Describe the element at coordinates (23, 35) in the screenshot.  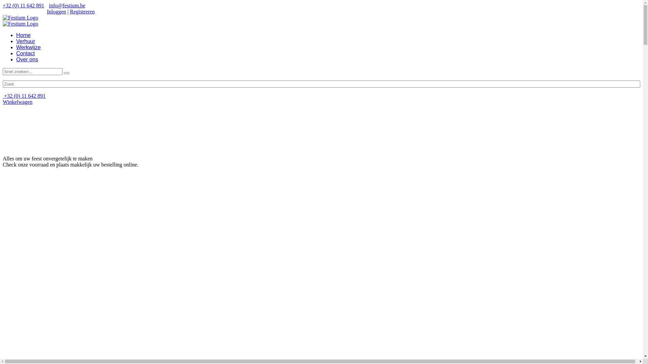
I see `'Home'` at that location.